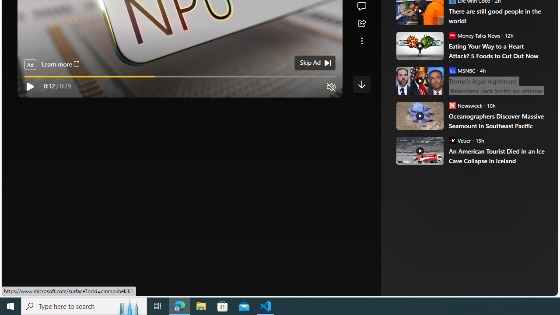  Describe the element at coordinates (497, 51) in the screenshot. I see `'Eating Your Way to a Heart Attack? 5 Foods to Cut Out Now'` at that location.